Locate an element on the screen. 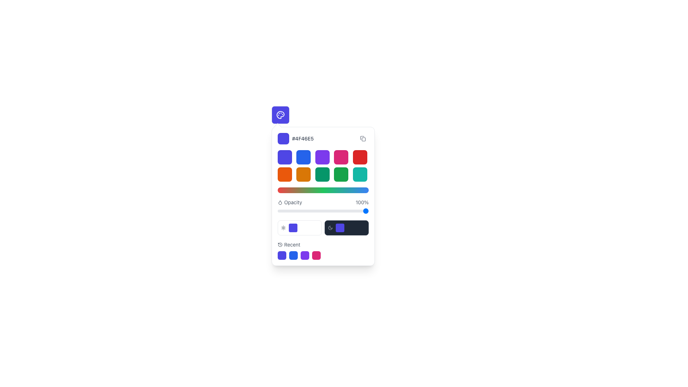  the center of the light or brightness toggle icon located at the leftmost position of the horizontal toolbar is located at coordinates (283, 228).